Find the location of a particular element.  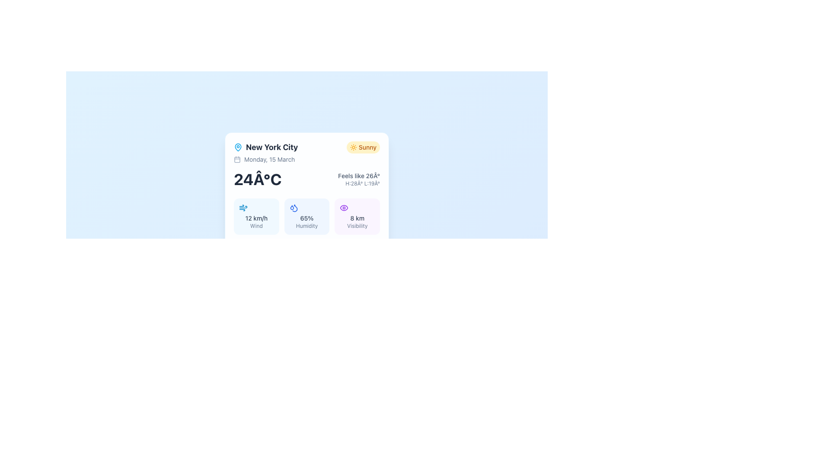

temperature information displayed in the text below 'Feels like 26°', located in the upper-right section of the weather card is located at coordinates (359, 183).